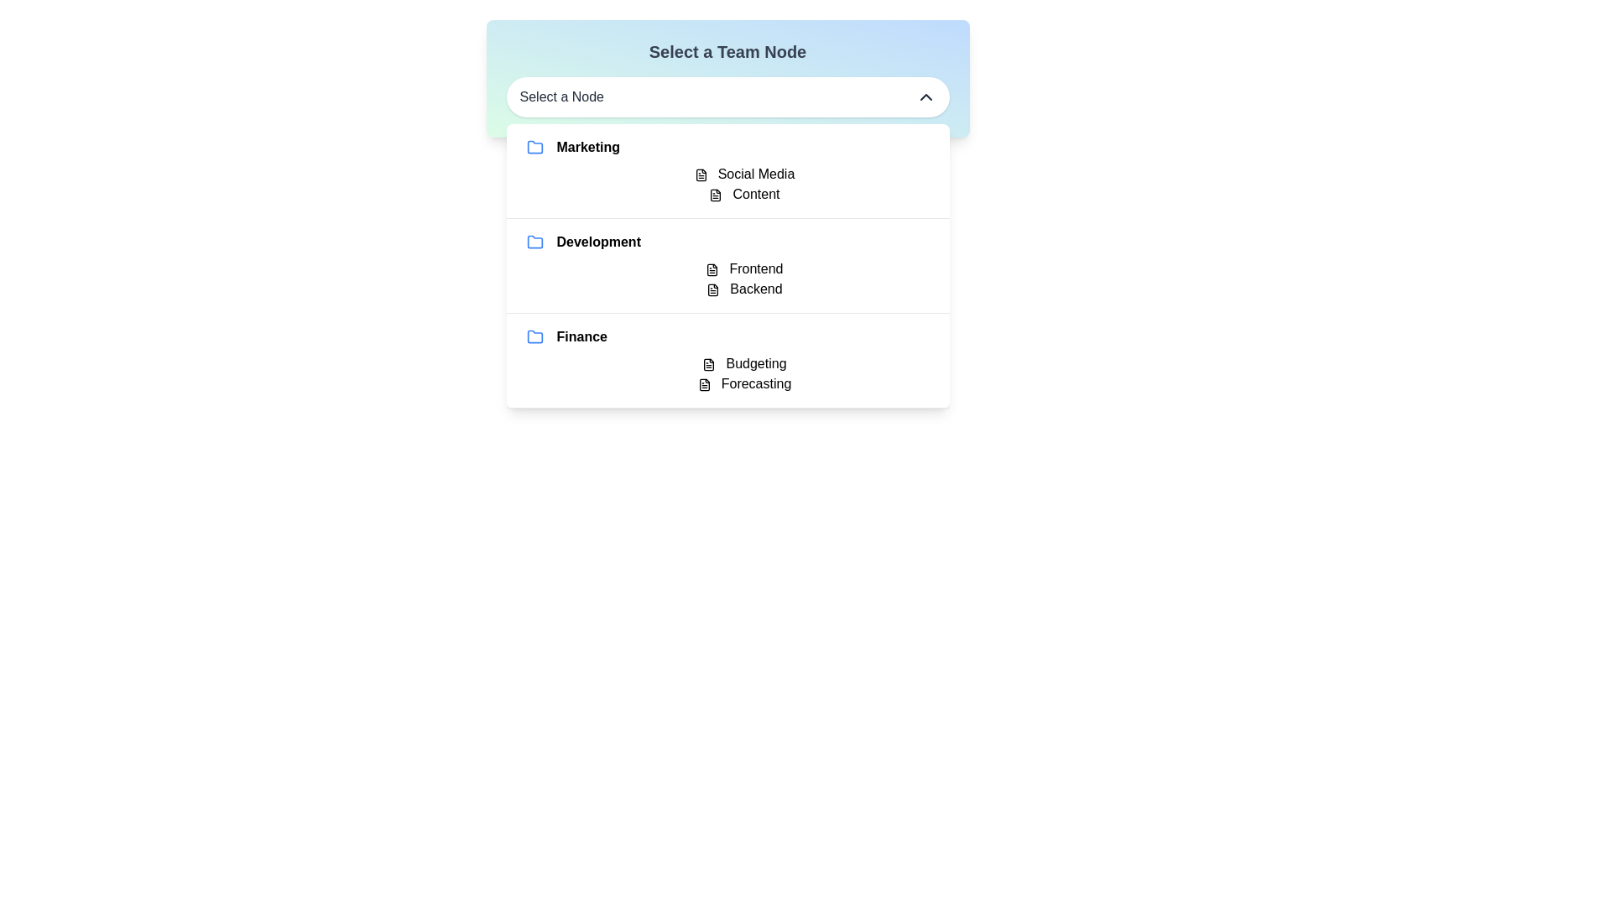  What do you see at coordinates (743, 174) in the screenshot?
I see `the 'Social Media' option in the dropdown menu under the 'Marketing' section` at bounding box center [743, 174].